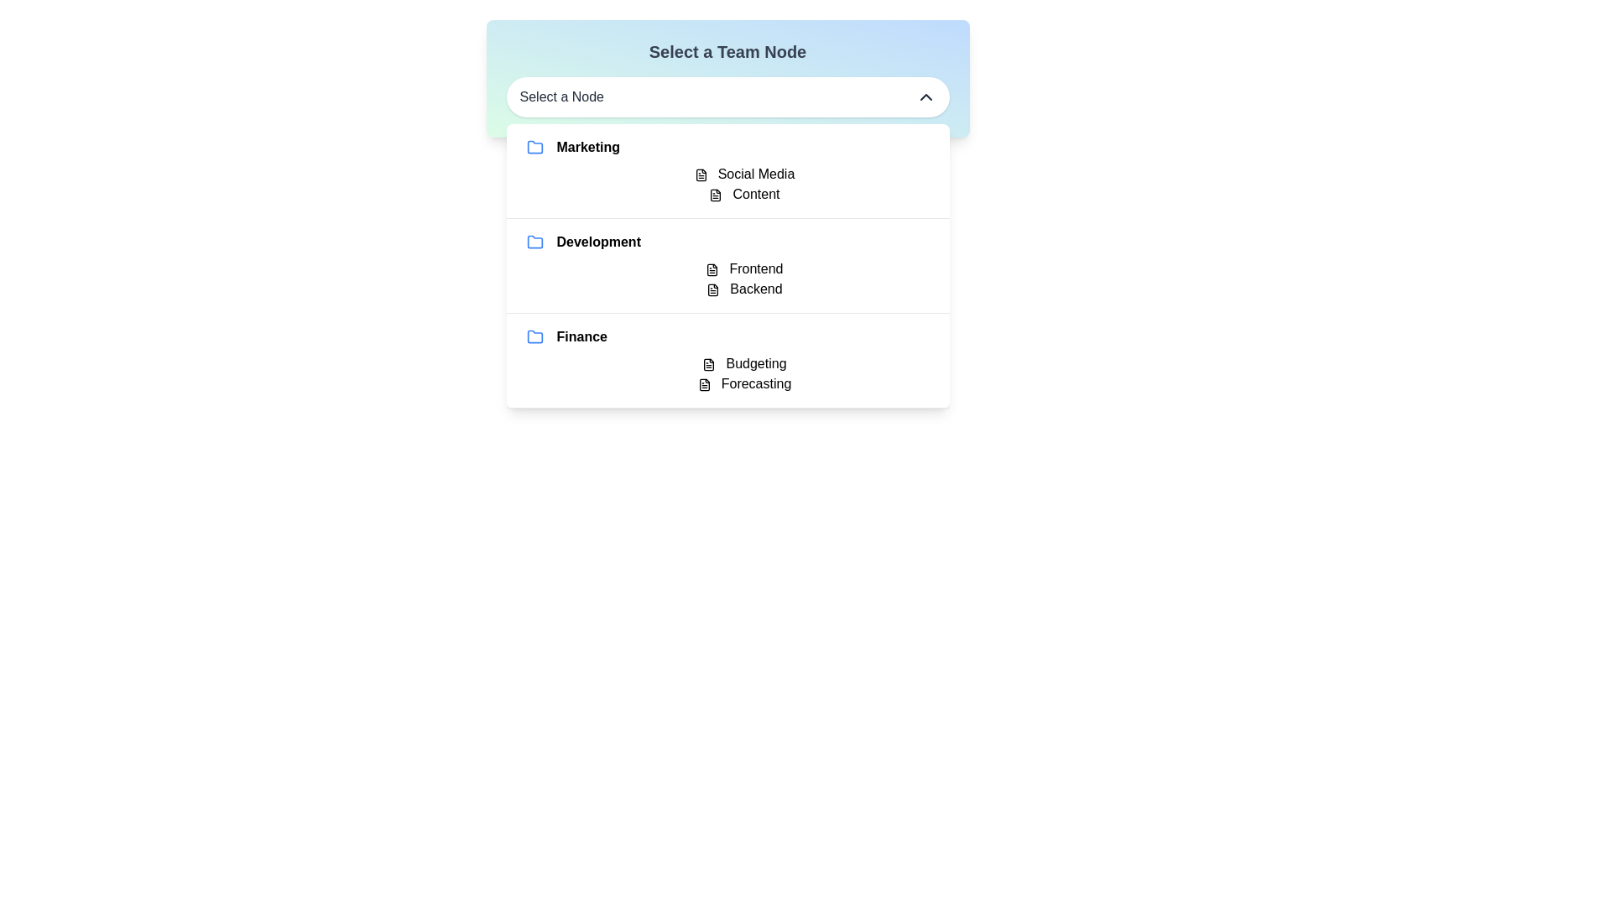  What do you see at coordinates (743, 174) in the screenshot?
I see `the 'Social Media' option in the dropdown menu under the 'Marketing' section` at bounding box center [743, 174].